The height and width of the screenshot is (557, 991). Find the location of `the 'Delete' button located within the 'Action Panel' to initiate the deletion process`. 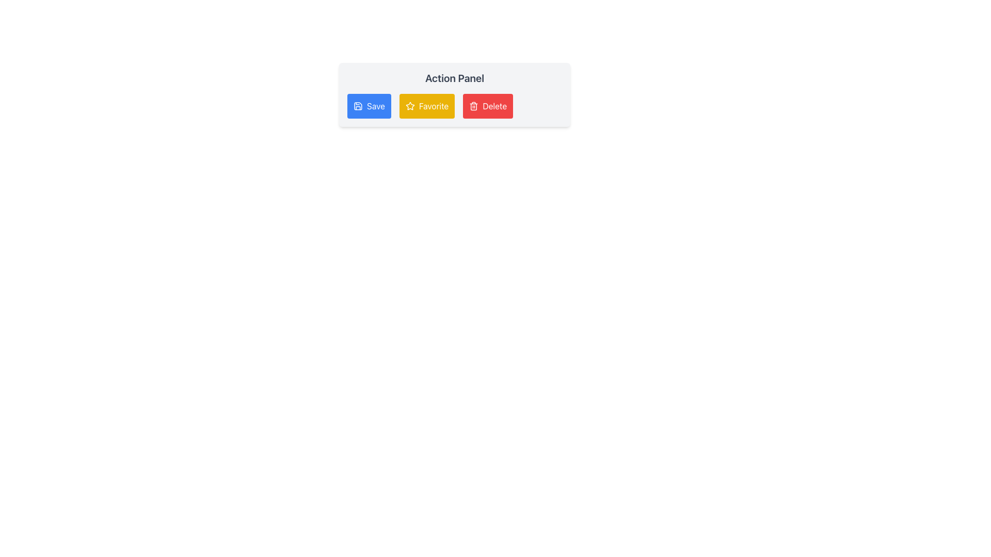

the 'Delete' button located within the 'Action Panel' to initiate the deletion process is located at coordinates (487, 106).